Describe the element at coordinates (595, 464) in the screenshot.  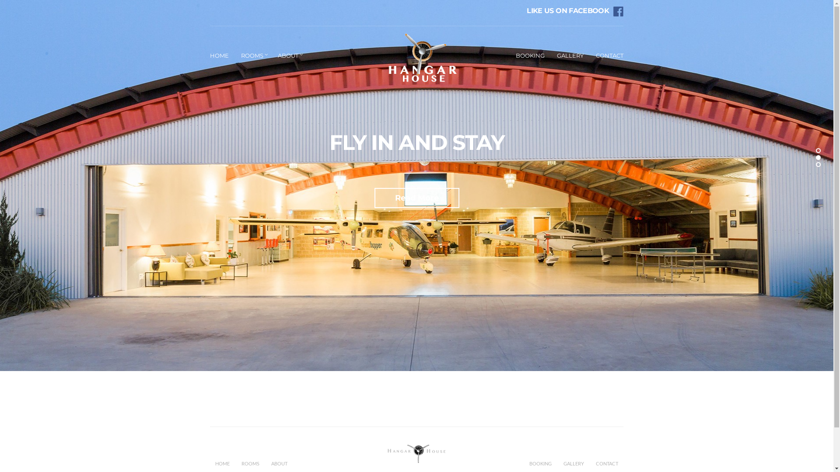
I see `'CONTACT'` at that location.